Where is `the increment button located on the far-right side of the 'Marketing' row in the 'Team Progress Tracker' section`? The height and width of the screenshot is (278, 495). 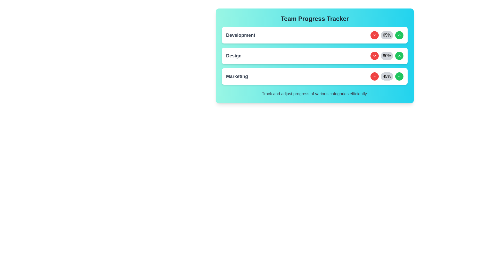 the increment button located on the far-right side of the 'Marketing' row in the 'Team Progress Tracker' section is located at coordinates (399, 76).